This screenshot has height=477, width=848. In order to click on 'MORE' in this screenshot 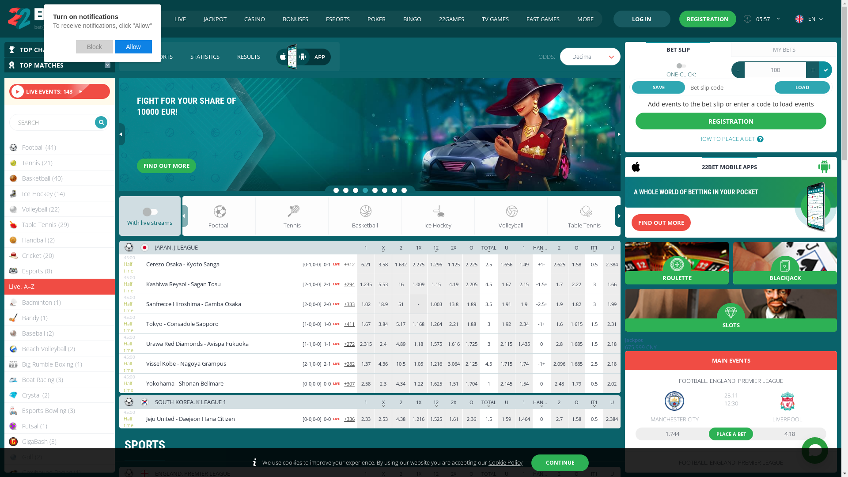, I will do `click(585, 19)`.